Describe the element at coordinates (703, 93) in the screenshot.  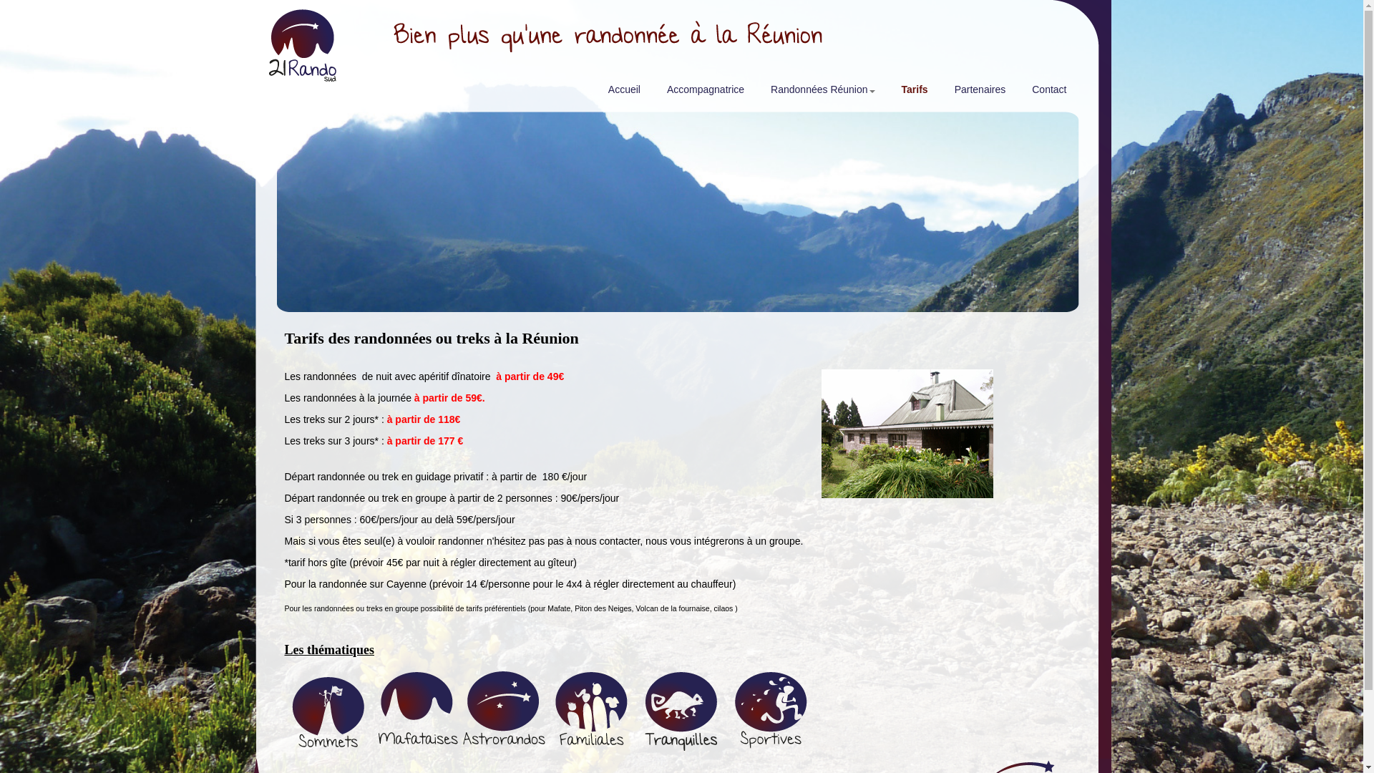
I see `'Accompagnatrice'` at that location.